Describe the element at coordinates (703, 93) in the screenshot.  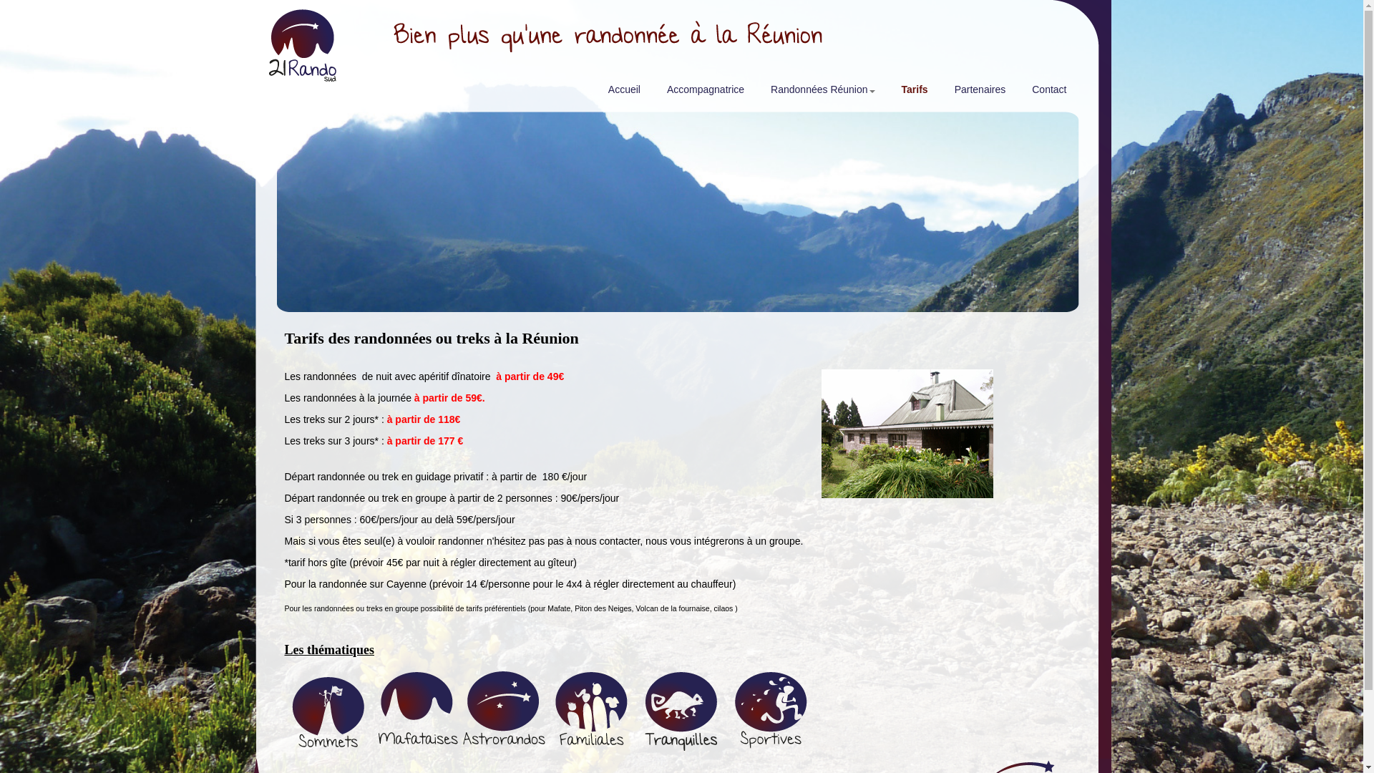
I see `'Accompagnatrice'` at that location.